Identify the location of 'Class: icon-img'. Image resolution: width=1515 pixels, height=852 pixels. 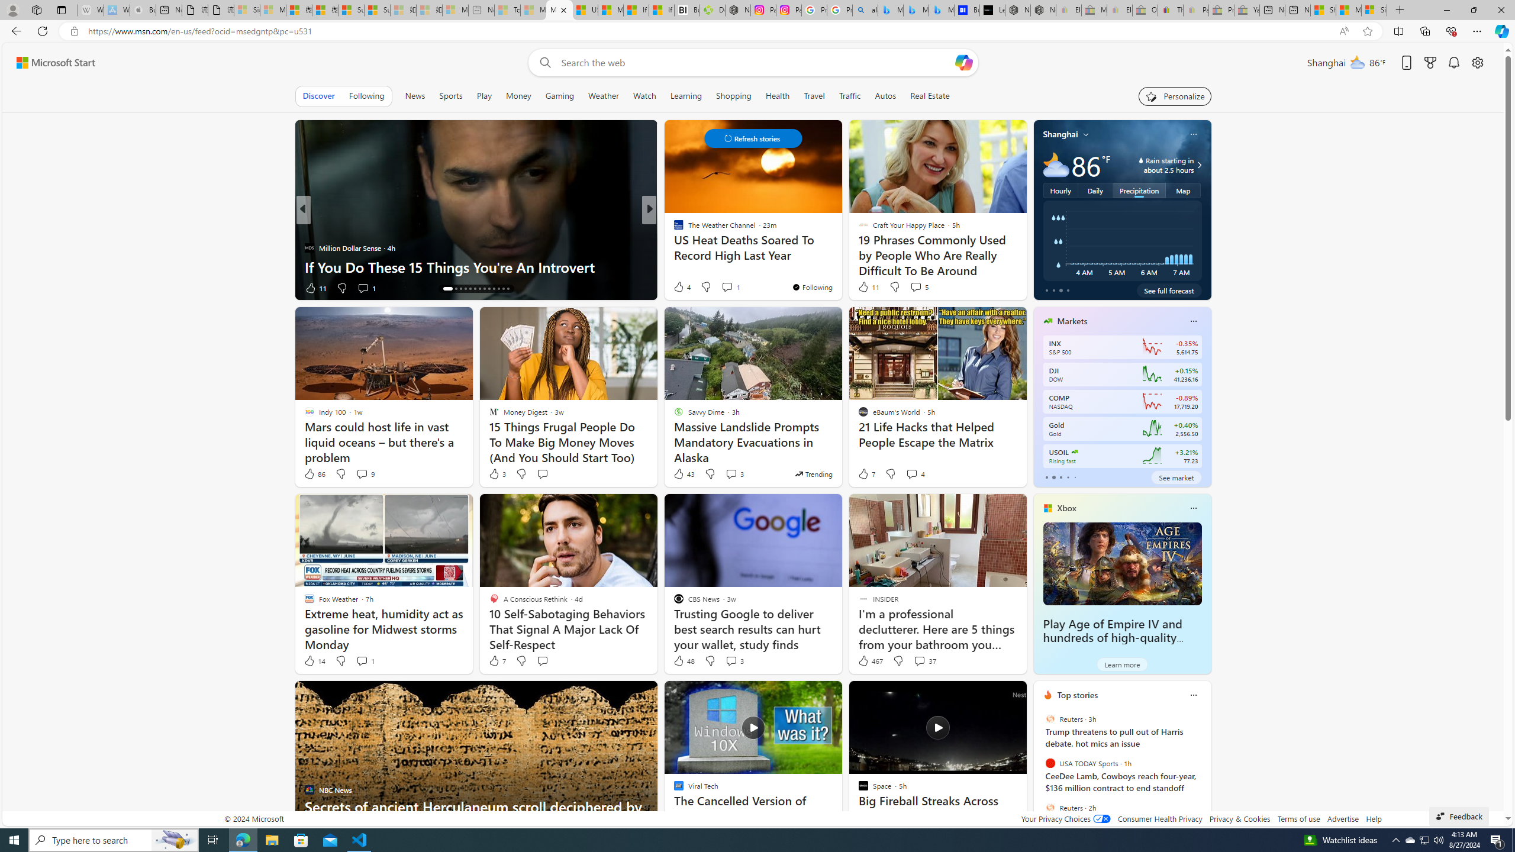
(1192, 695).